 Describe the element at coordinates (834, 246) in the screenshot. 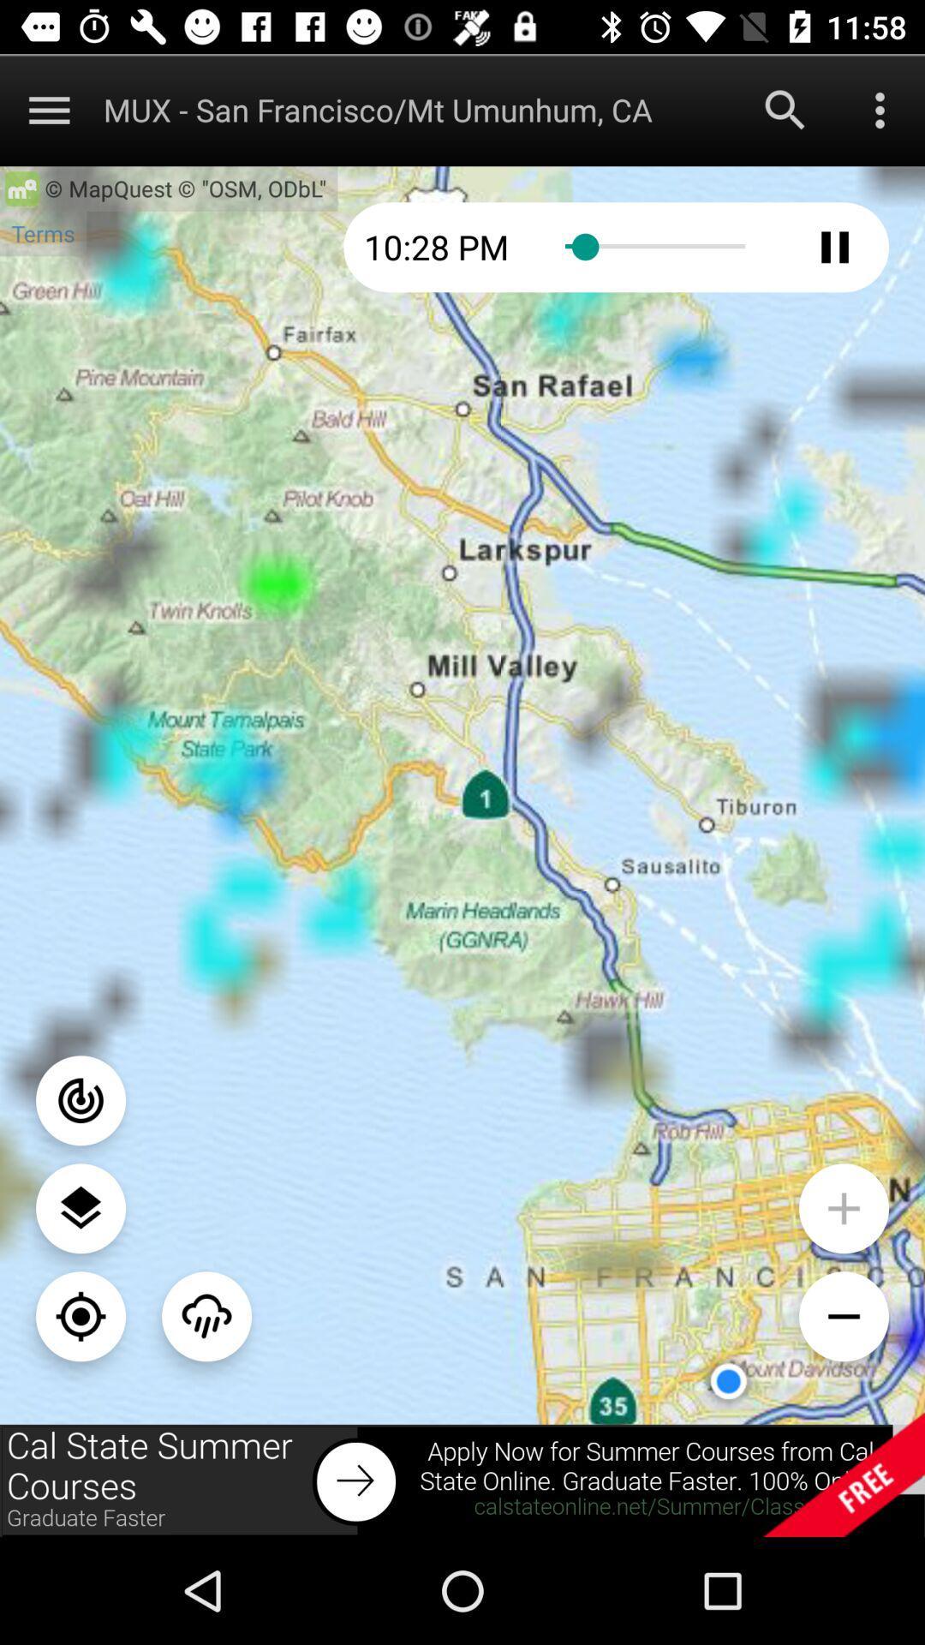

I see `play option` at that location.